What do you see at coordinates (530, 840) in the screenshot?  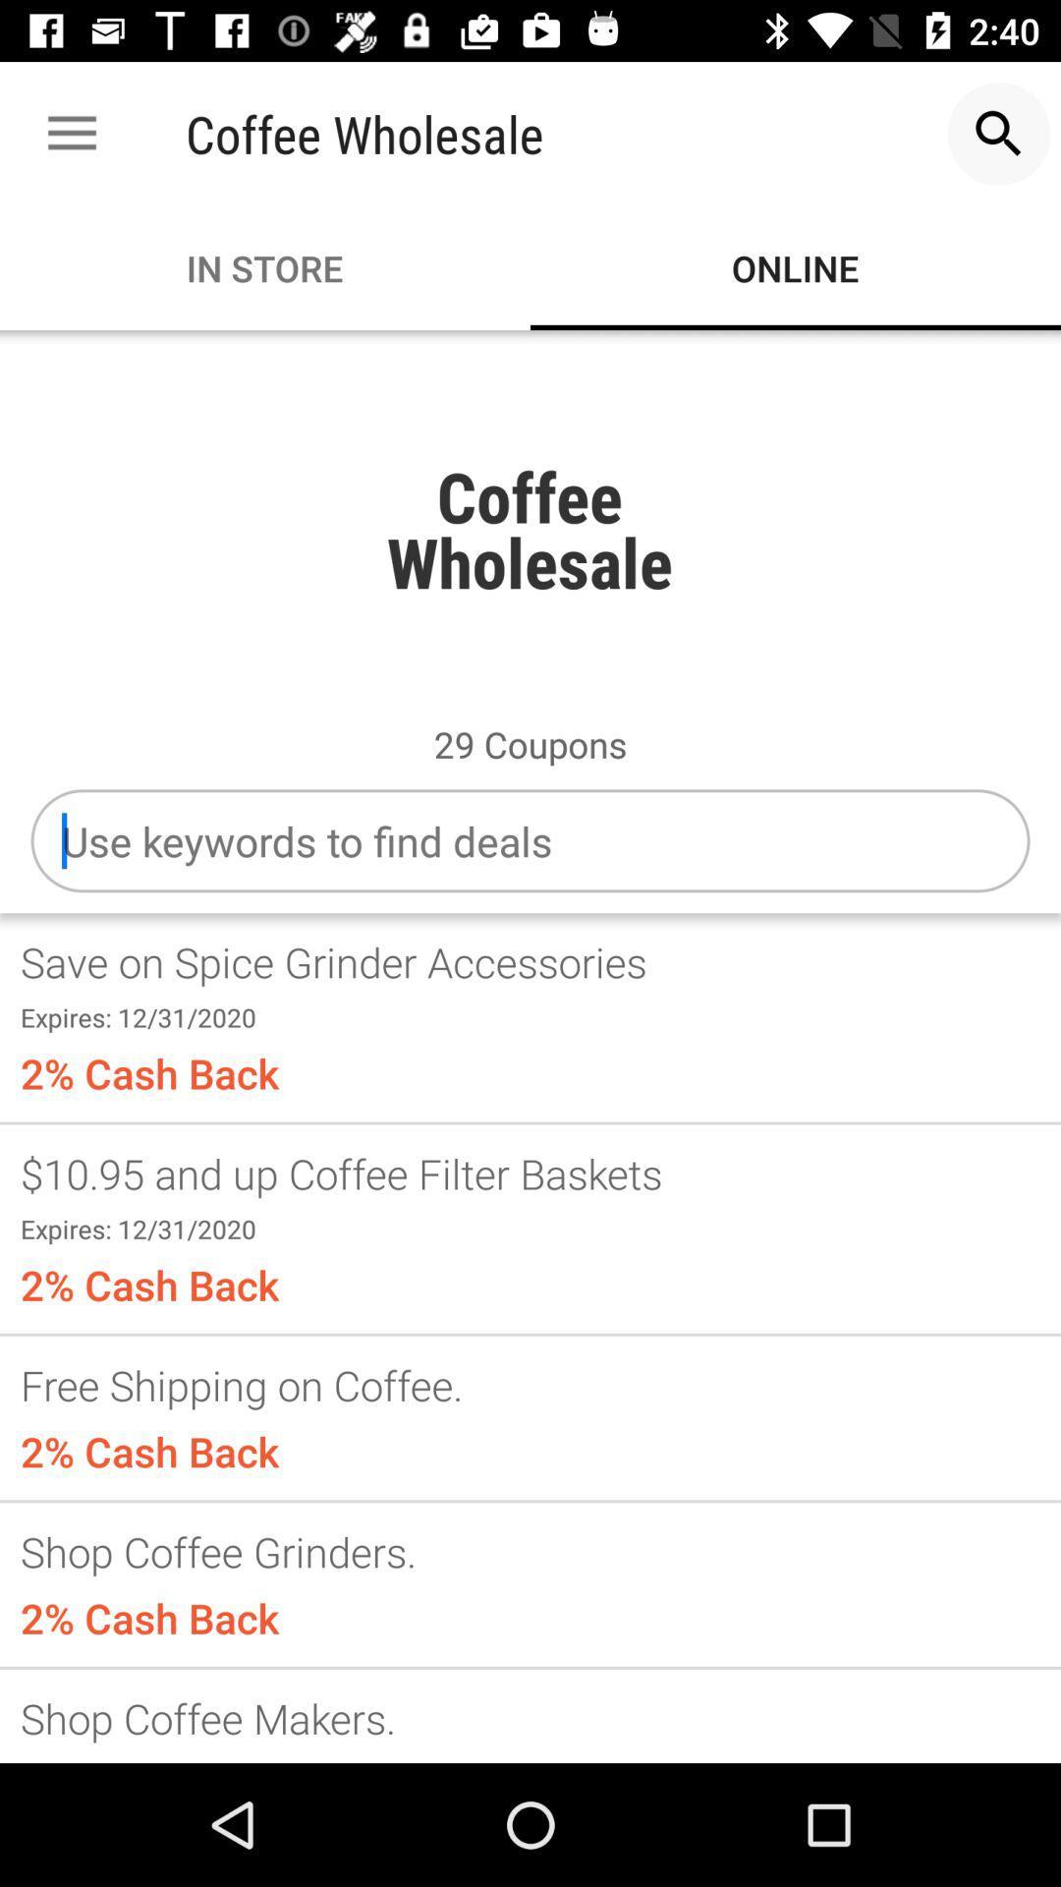 I see `the icon below the 29 coupons` at bounding box center [530, 840].